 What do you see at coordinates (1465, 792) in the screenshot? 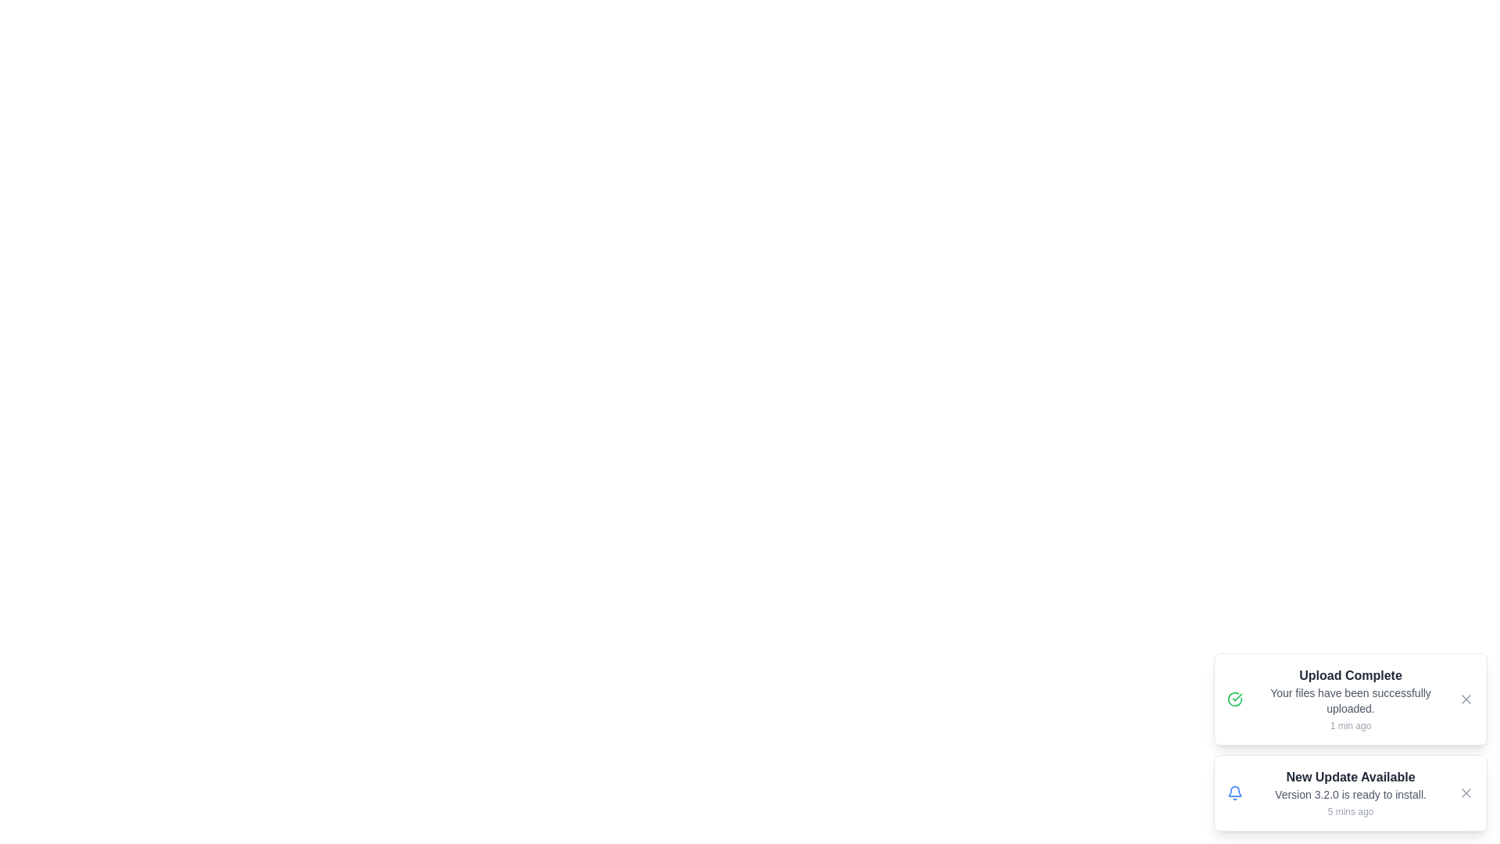
I see `the button in the top-right corner of the 'New Update Available' notification card` at bounding box center [1465, 792].